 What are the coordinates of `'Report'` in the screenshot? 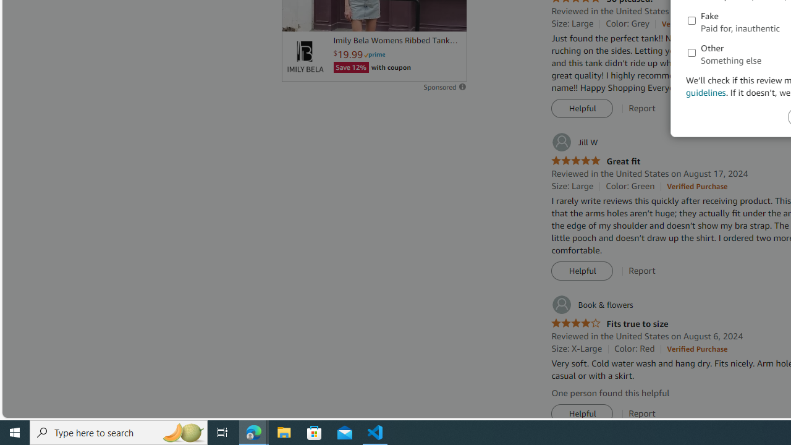 It's located at (642, 413).